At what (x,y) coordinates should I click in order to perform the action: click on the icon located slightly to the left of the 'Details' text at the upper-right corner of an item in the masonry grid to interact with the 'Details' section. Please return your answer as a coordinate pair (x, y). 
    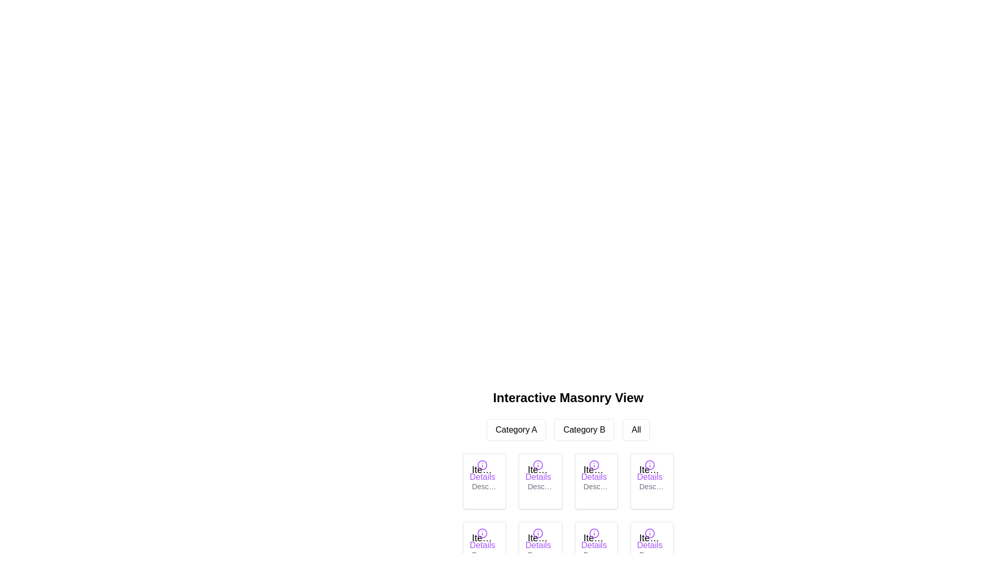
    Looking at the image, I should click on (649, 533).